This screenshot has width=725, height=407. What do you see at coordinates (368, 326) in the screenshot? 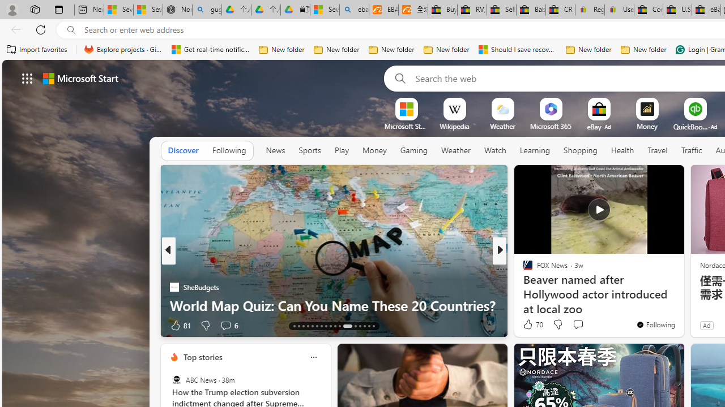
I see `'AutomationID: tab-34'` at bounding box center [368, 326].